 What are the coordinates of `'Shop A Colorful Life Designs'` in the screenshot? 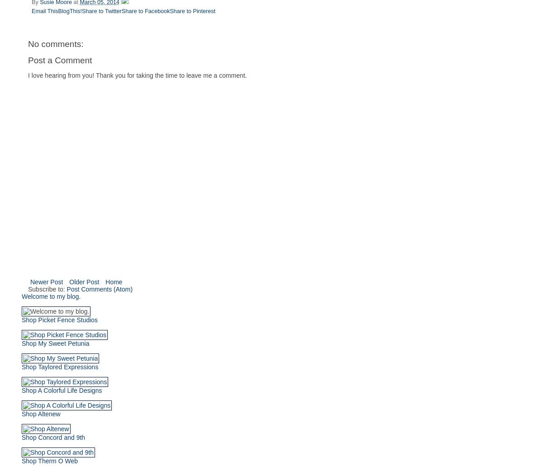 It's located at (61, 390).